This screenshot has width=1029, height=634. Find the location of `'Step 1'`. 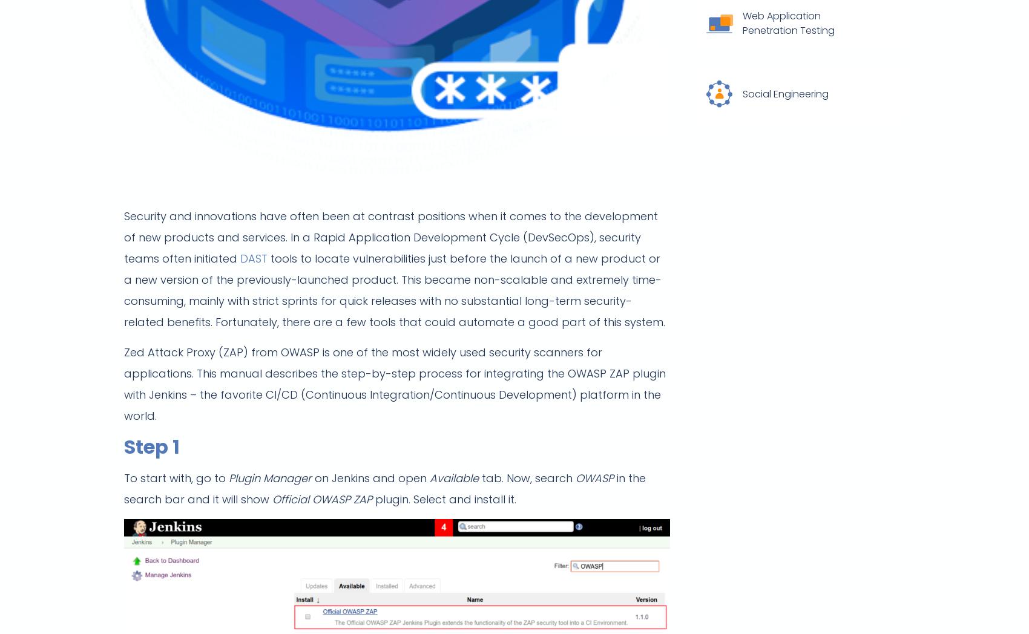

'Step 1' is located at coordinates (123, 445).